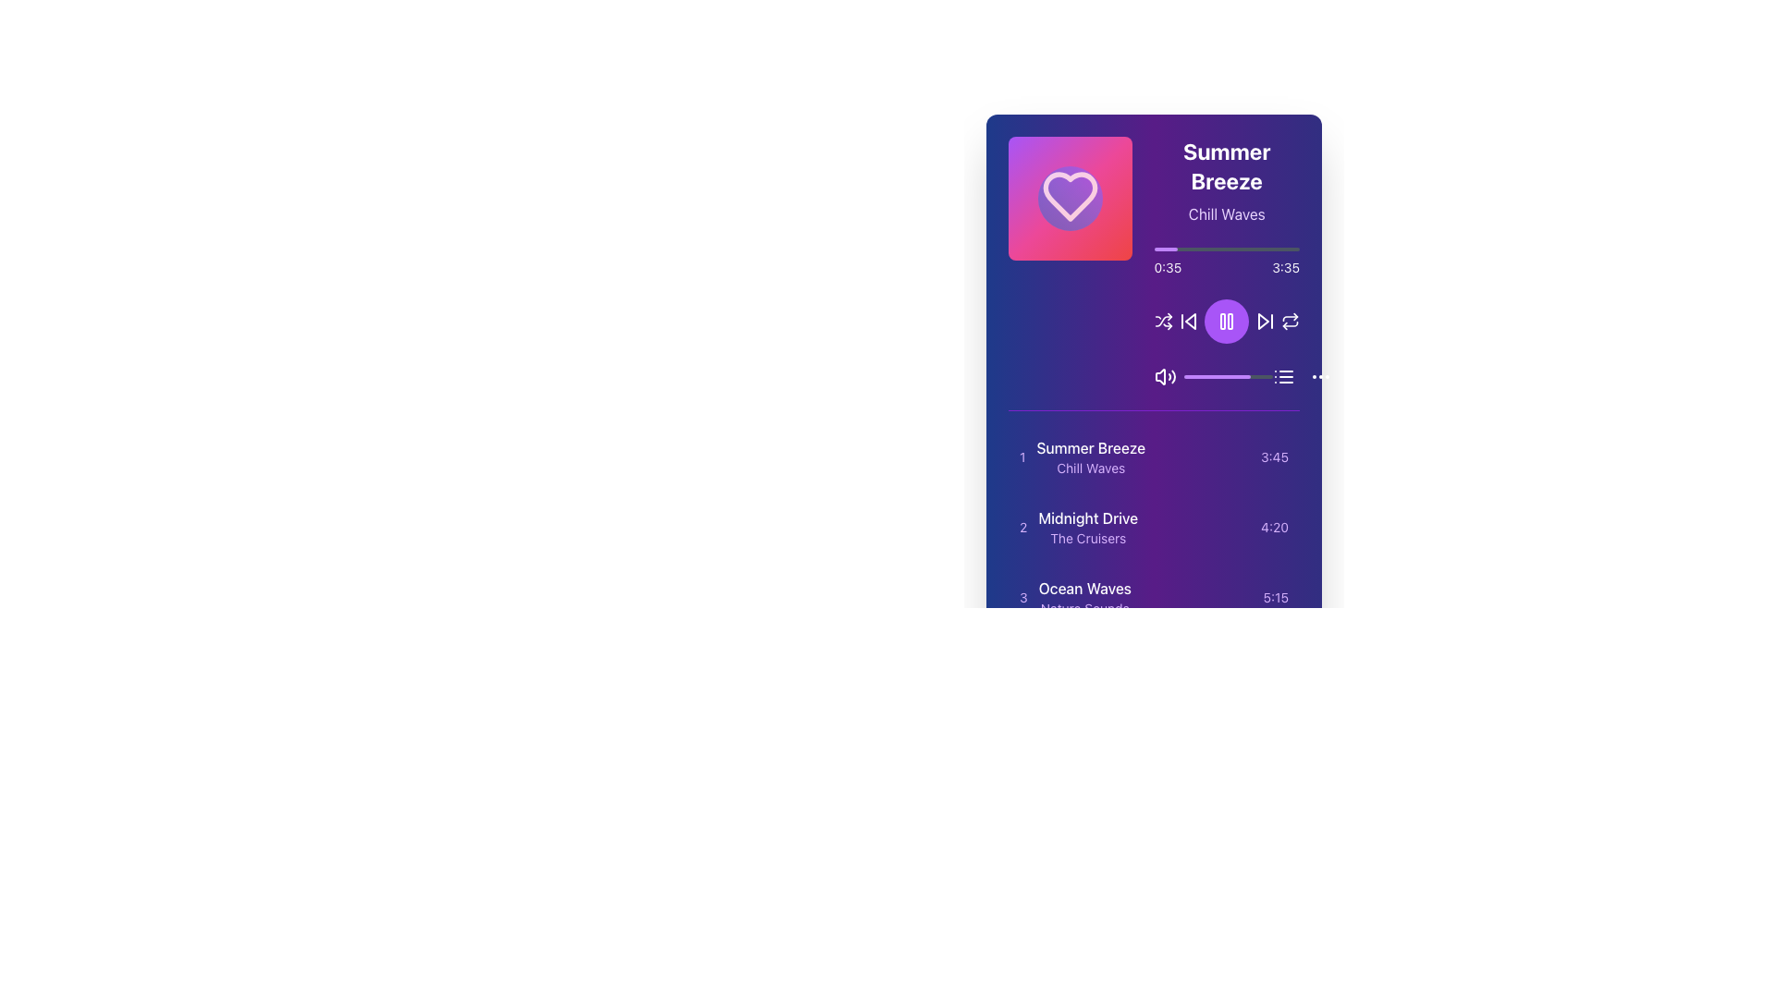  Describe the element at coordinates (1167, 267) in the screenshot. I see `the static text label displaying the time '0:35', which is positioned to the left of the '3:35' timestamp and is part of the media player's timing information area` at that location.